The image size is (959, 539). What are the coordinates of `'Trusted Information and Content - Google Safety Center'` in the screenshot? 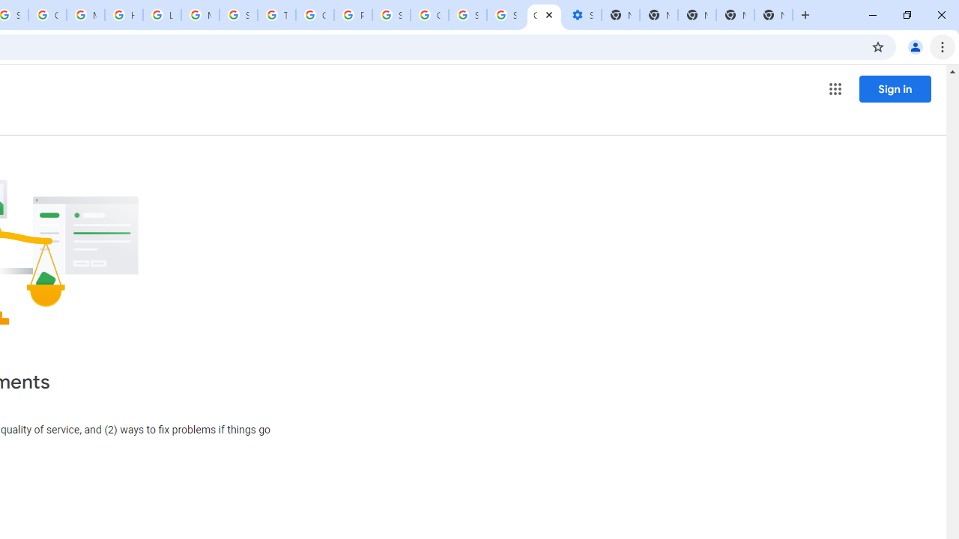 It's located at (276, 15).